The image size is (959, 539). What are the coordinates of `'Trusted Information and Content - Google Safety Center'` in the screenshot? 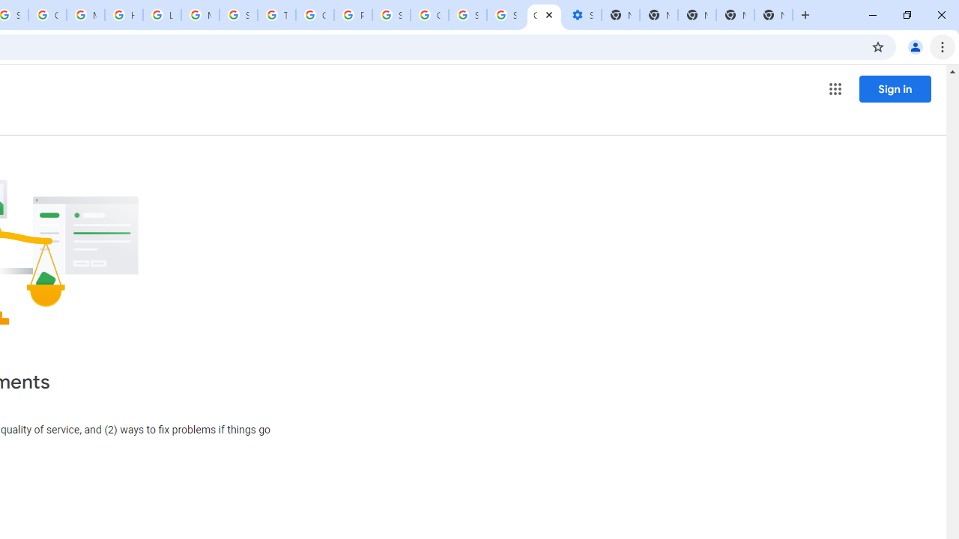 It's located at (276, 15).